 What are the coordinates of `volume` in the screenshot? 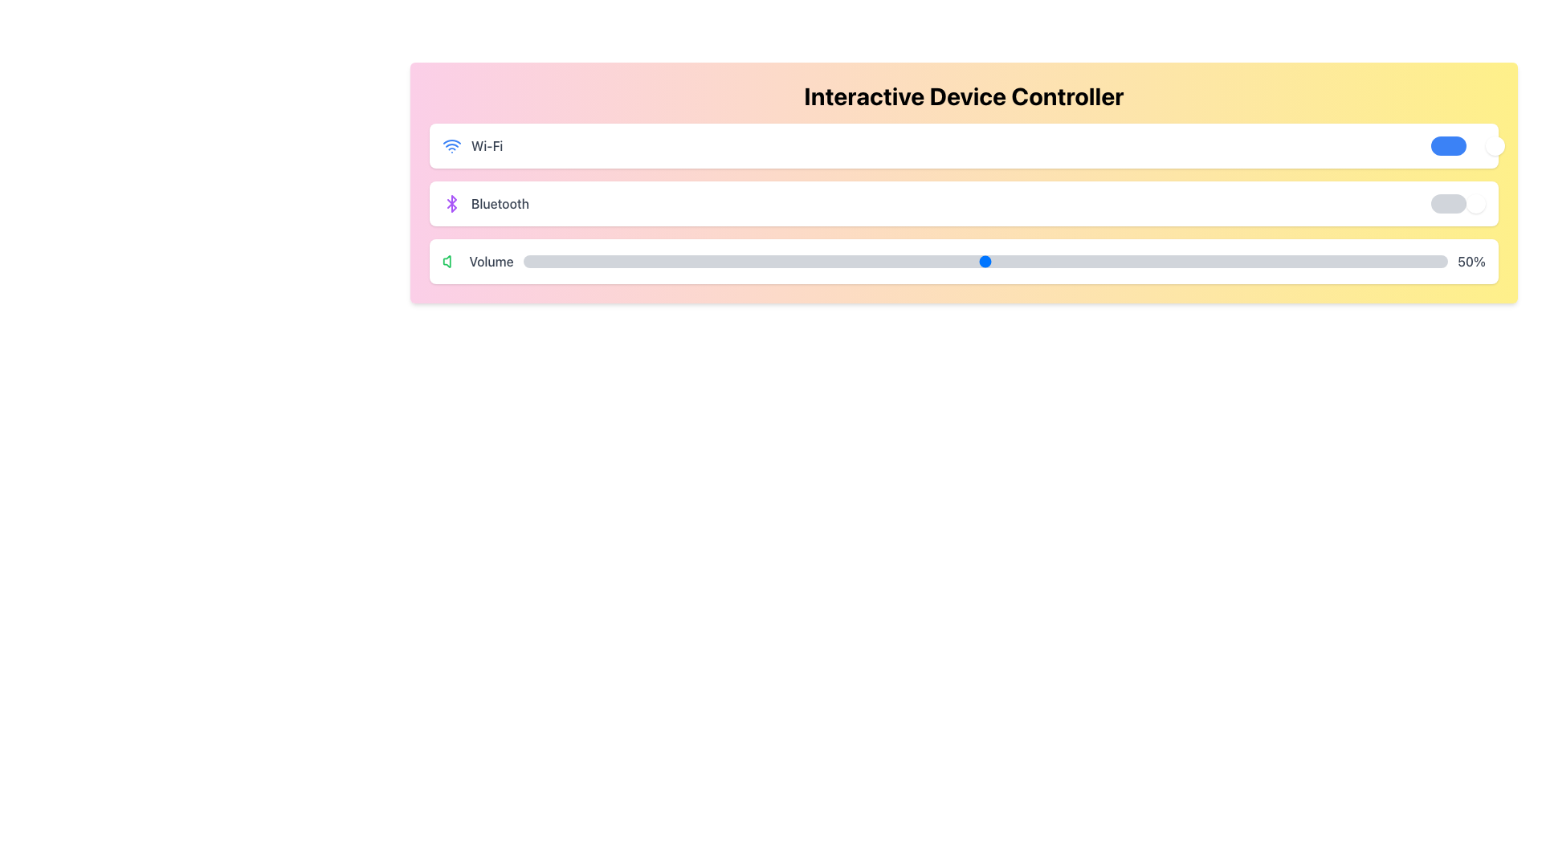 It's located at (855, 261).